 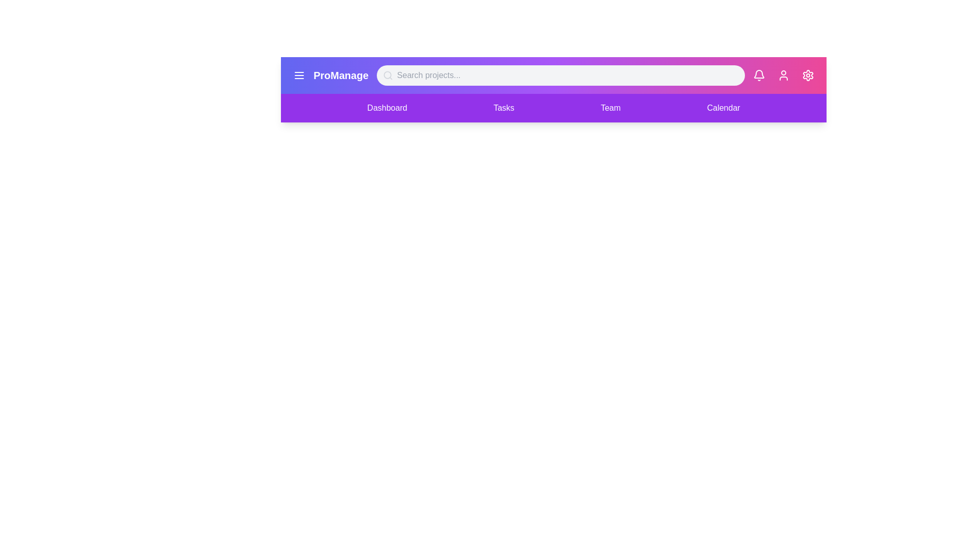 What do you see at coordinates (560, 74) in the screenshot?
I see `the search bar and type 'Project A'` at bounding box center [560, 74].